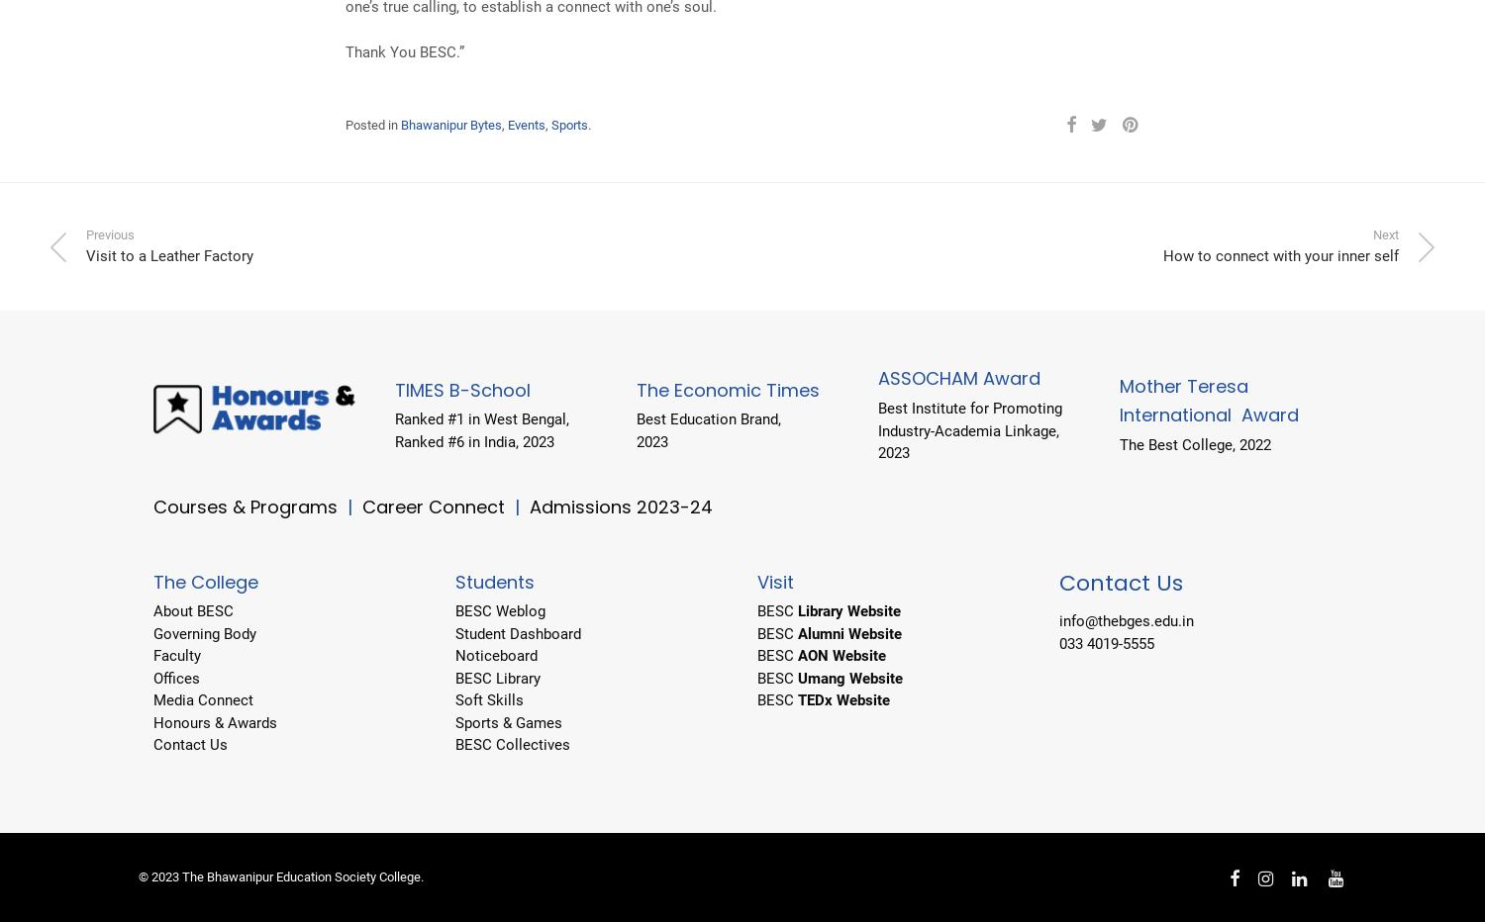  Describe the element at coordinates (1105, 642) in the screenshot. I see `'033 4019-5555'` at that location.